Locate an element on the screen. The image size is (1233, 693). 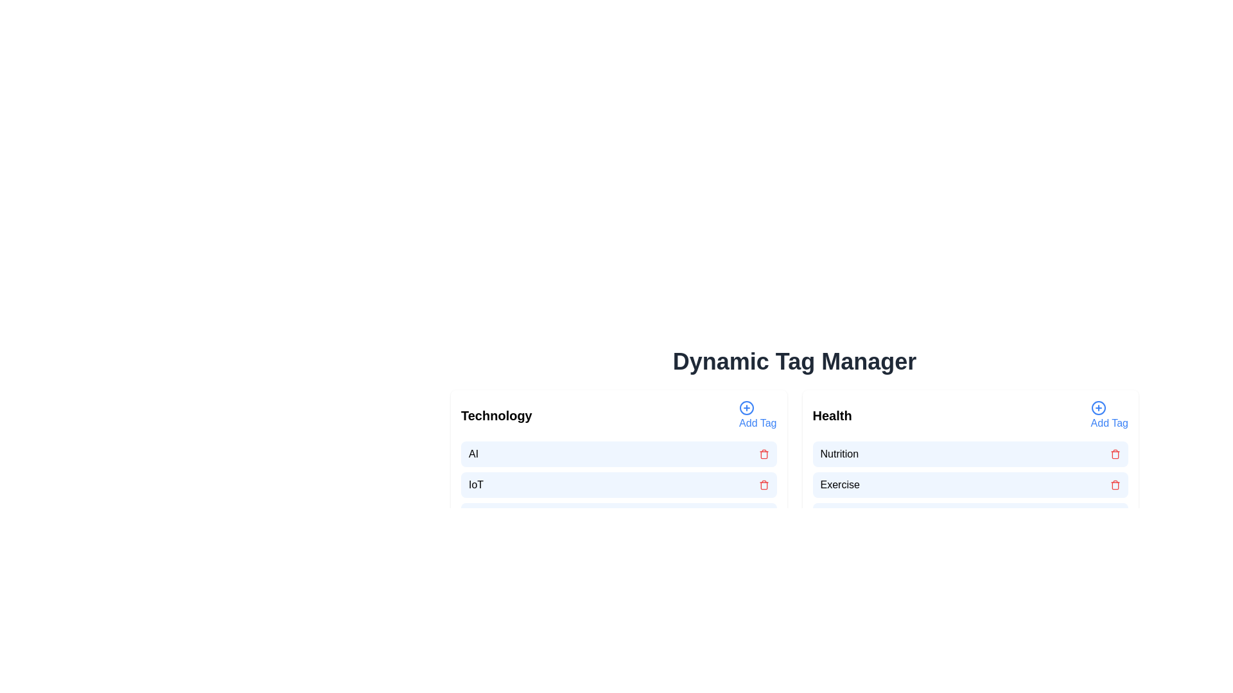
the interactive text link with an accompanying icon located in the top-right corner of the 'Health' section header for keyboard interaction is located at coordinates (1108, 416).